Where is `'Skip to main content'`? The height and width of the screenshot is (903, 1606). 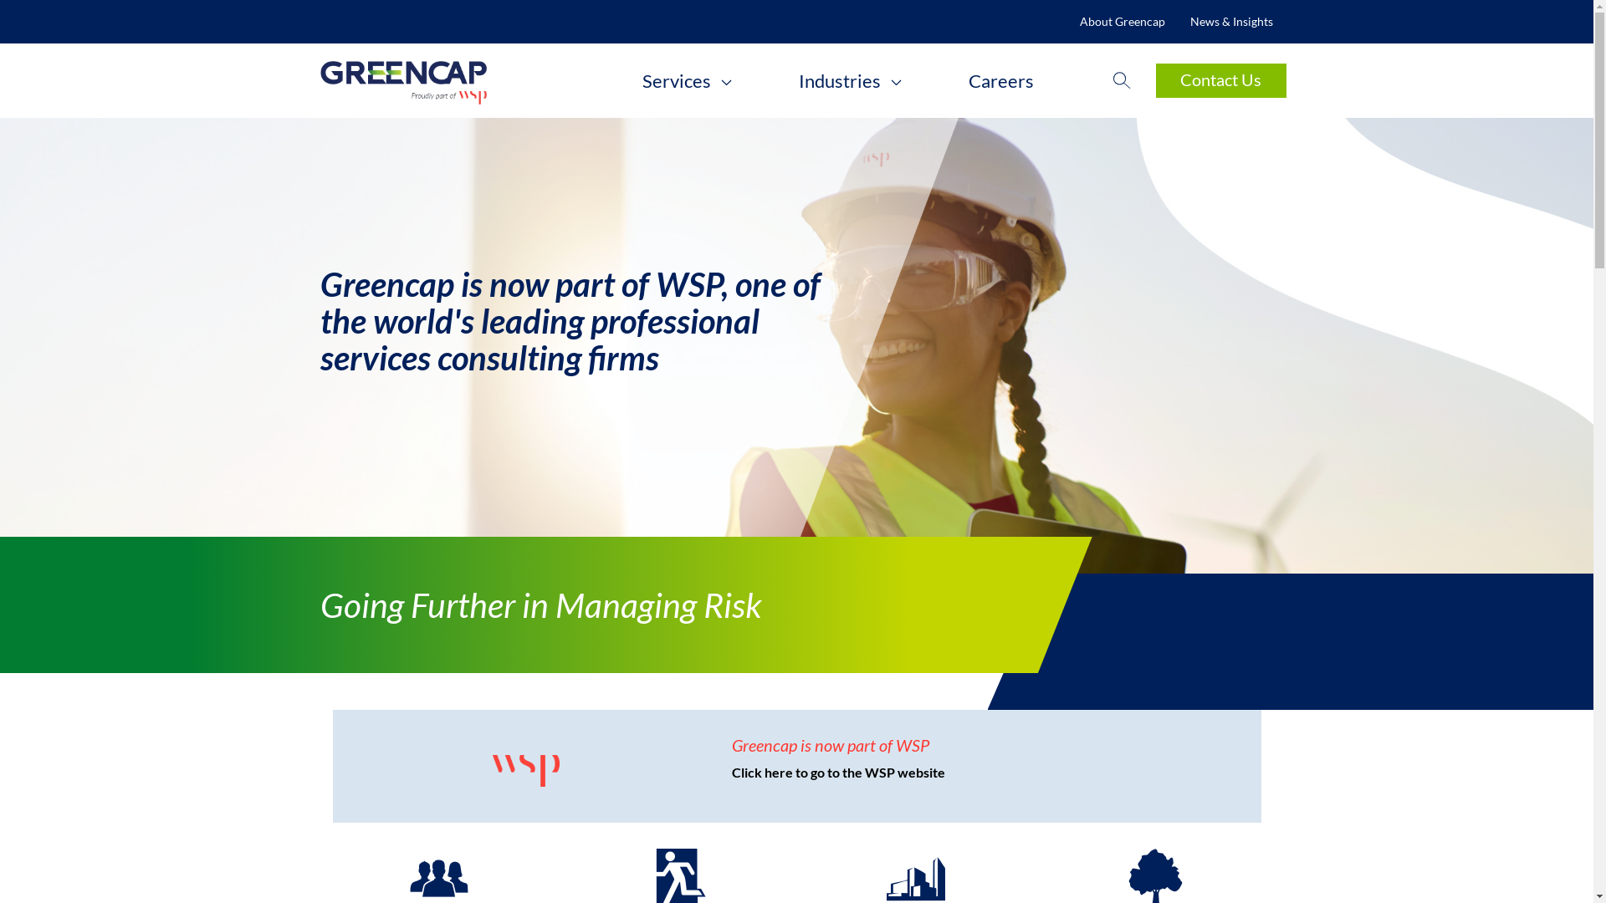 'Skip to main content' is located at coordinates (0, 0).